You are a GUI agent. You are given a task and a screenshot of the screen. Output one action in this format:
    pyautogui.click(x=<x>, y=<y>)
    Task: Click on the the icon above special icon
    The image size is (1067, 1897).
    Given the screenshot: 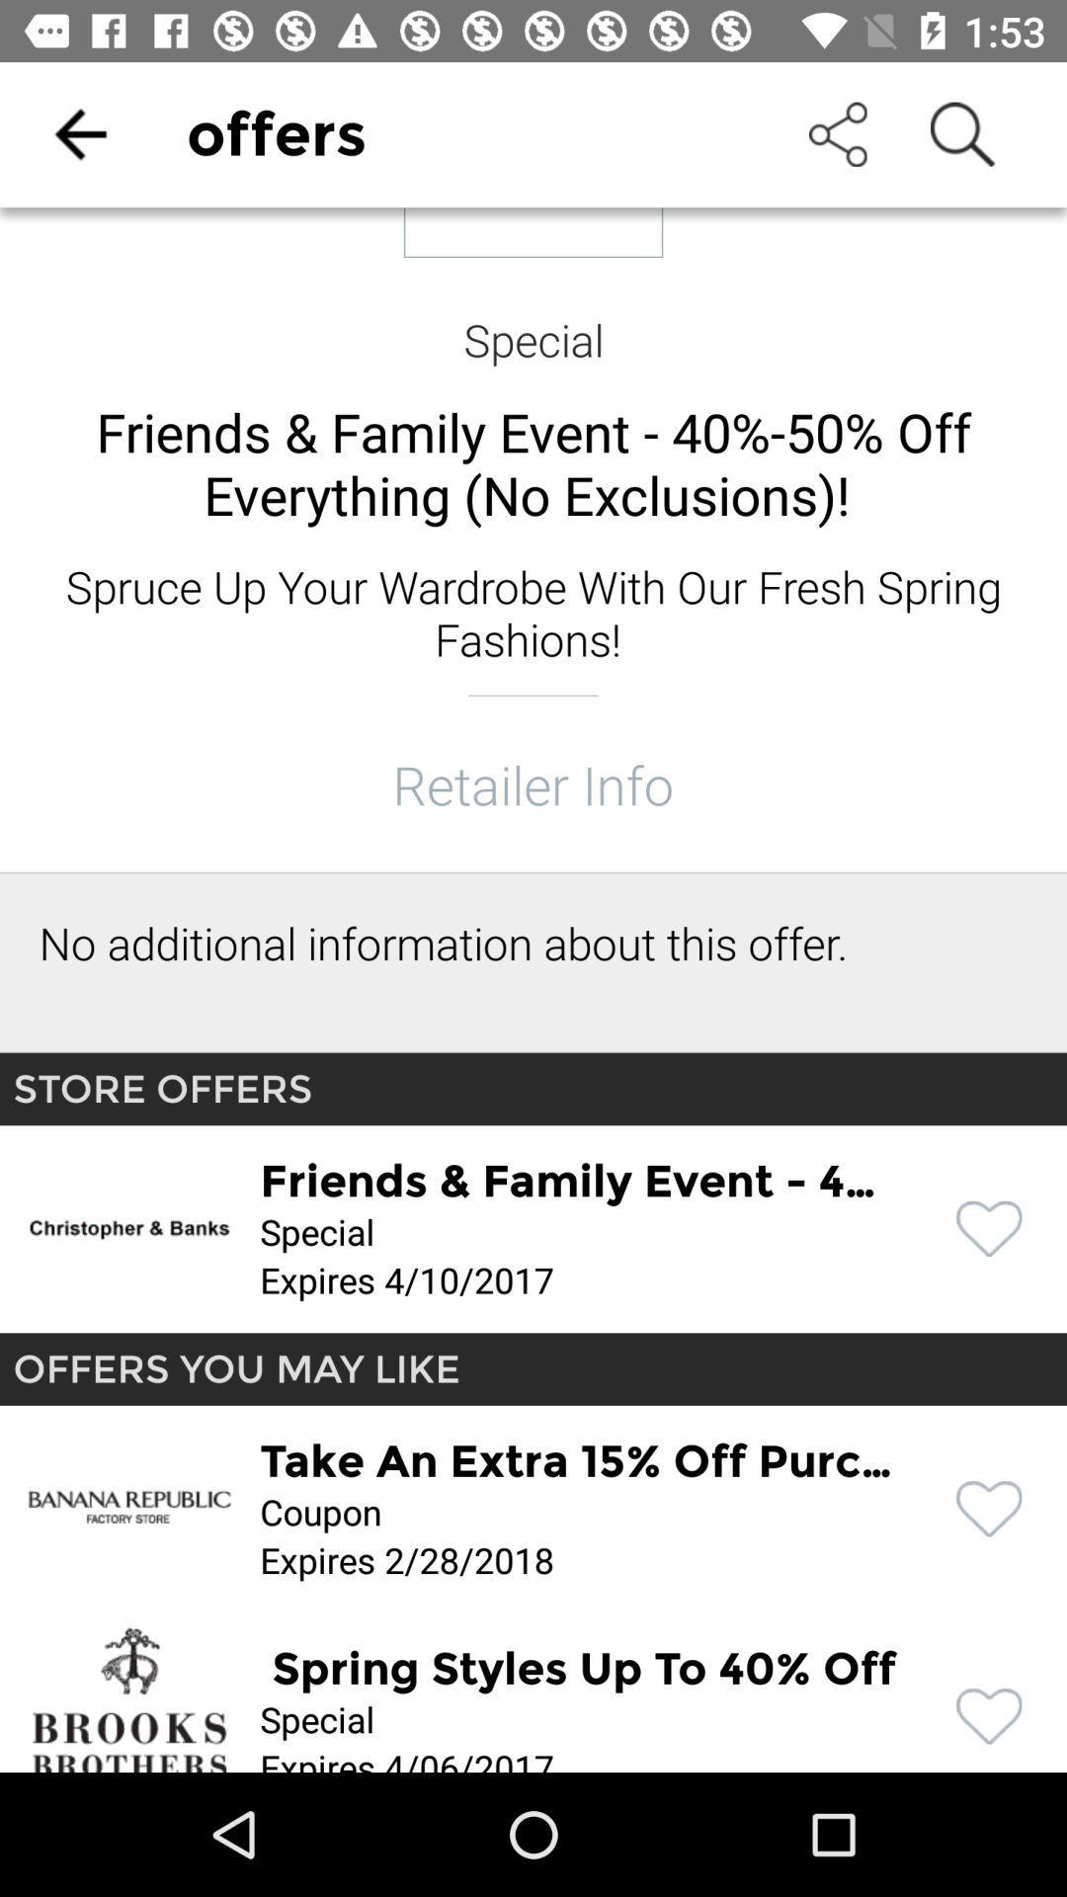 What is the action you would take?
    pyautogui.click(x=79, y=133)
    